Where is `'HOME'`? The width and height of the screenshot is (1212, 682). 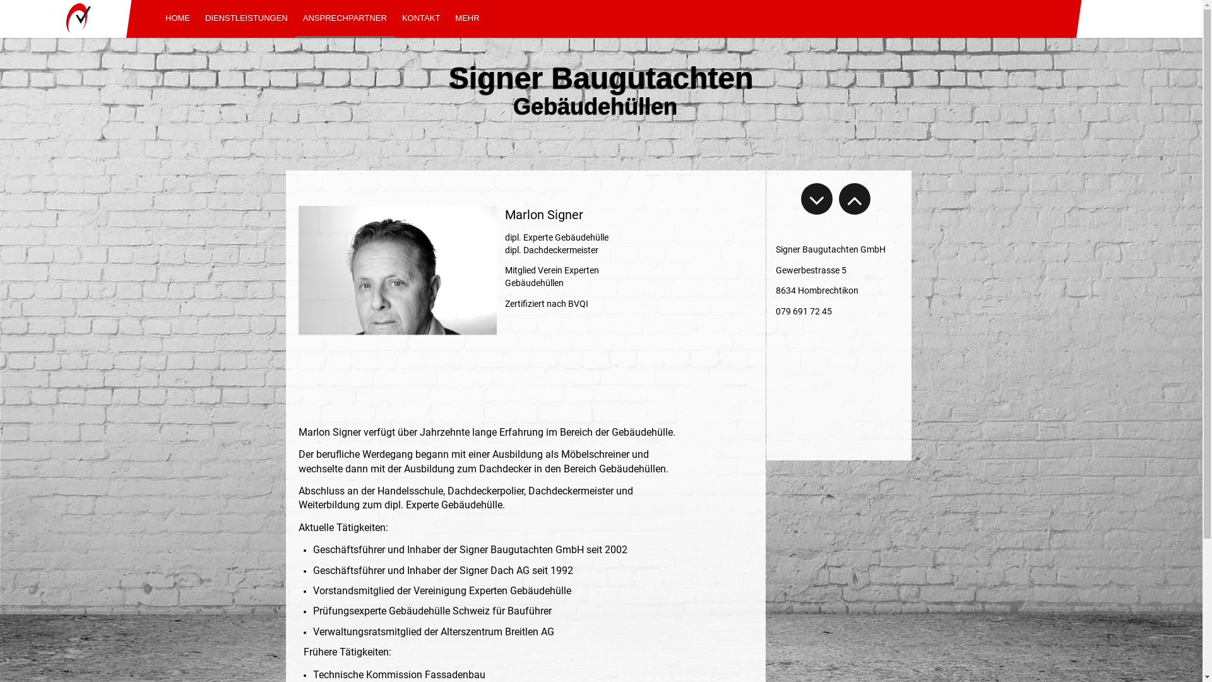
'HOME' is located at coordinates (177, 18).